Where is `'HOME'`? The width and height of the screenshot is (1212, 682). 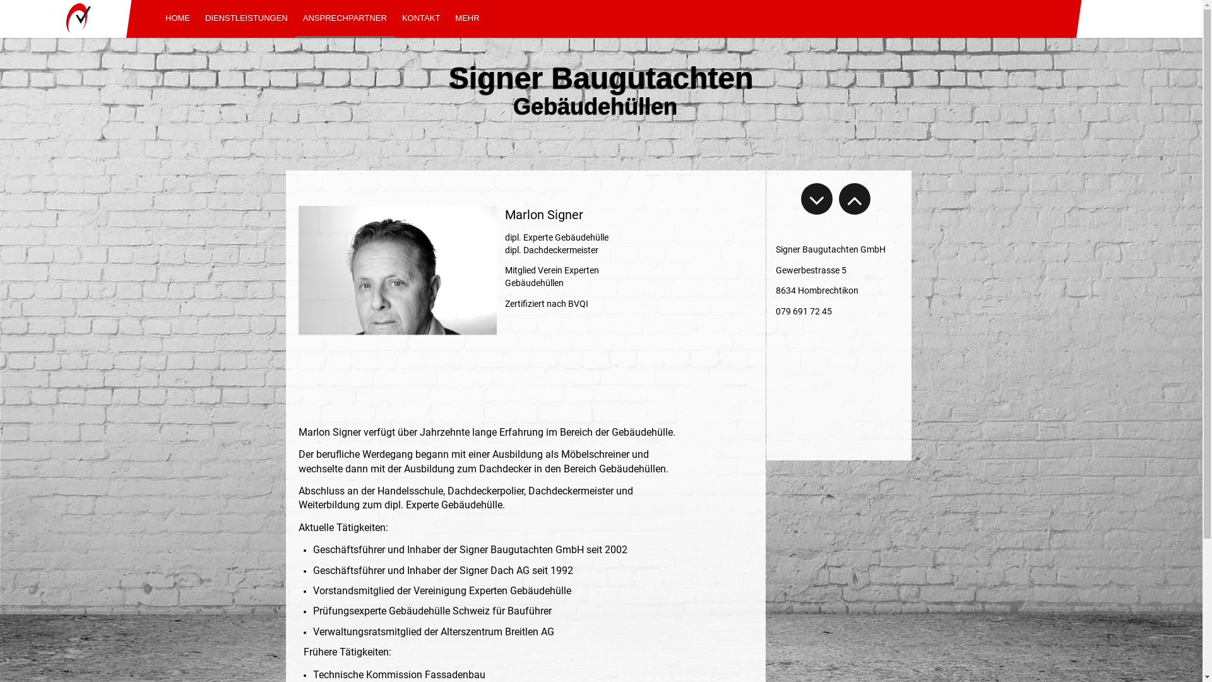
'HOME' is located at coordinates (177, 18).